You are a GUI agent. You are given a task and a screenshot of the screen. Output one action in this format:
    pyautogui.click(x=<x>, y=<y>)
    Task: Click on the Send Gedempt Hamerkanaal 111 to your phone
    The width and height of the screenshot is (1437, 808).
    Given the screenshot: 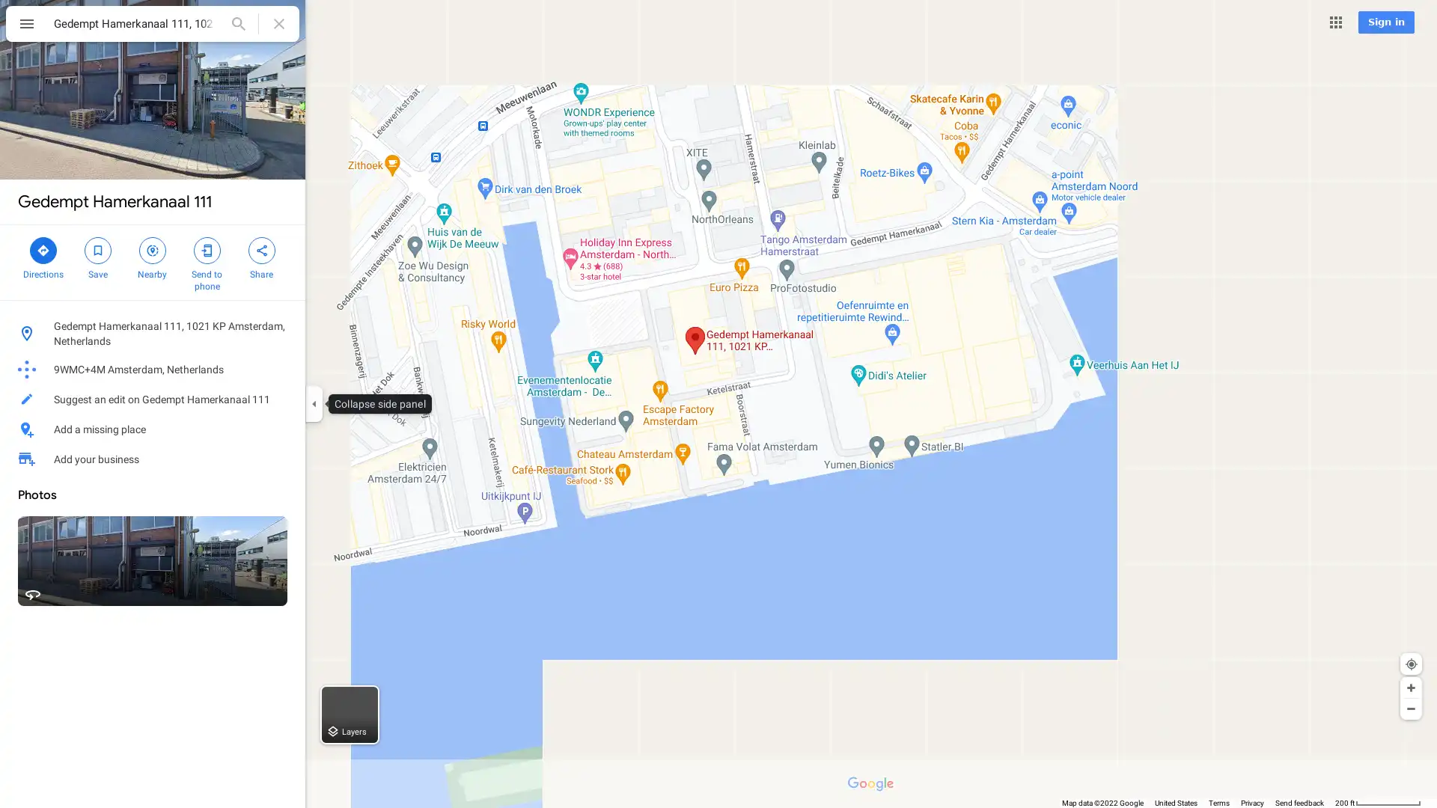 What is the action you would take?
    pyautogui.click(x=206, y=262)
    